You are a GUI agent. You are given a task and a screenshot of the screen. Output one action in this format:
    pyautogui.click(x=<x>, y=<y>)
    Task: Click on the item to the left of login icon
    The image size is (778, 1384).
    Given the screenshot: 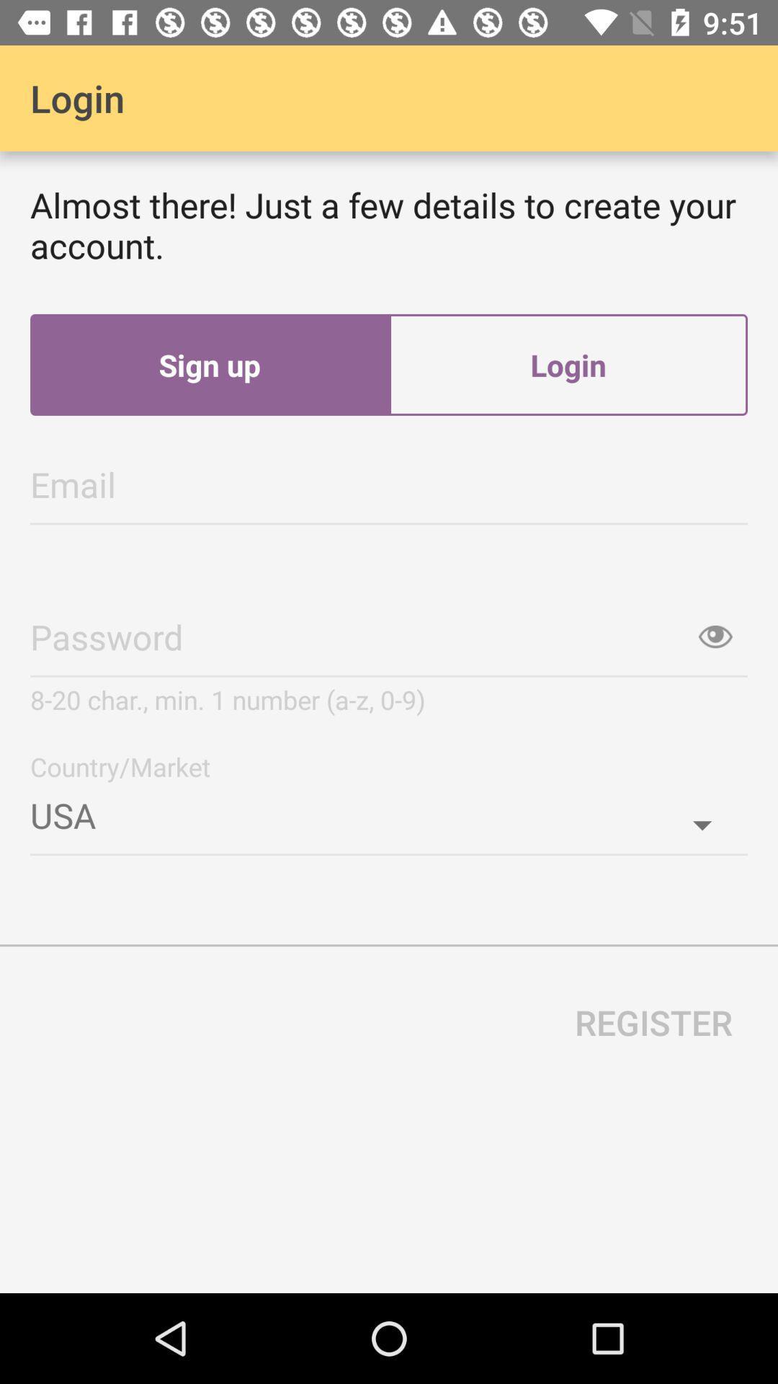 What is the action you would take?
    pyautogui.click(x=209, y=365)
    